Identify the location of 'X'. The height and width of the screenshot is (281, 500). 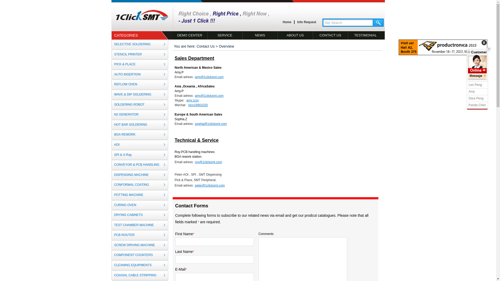
(484, 42).